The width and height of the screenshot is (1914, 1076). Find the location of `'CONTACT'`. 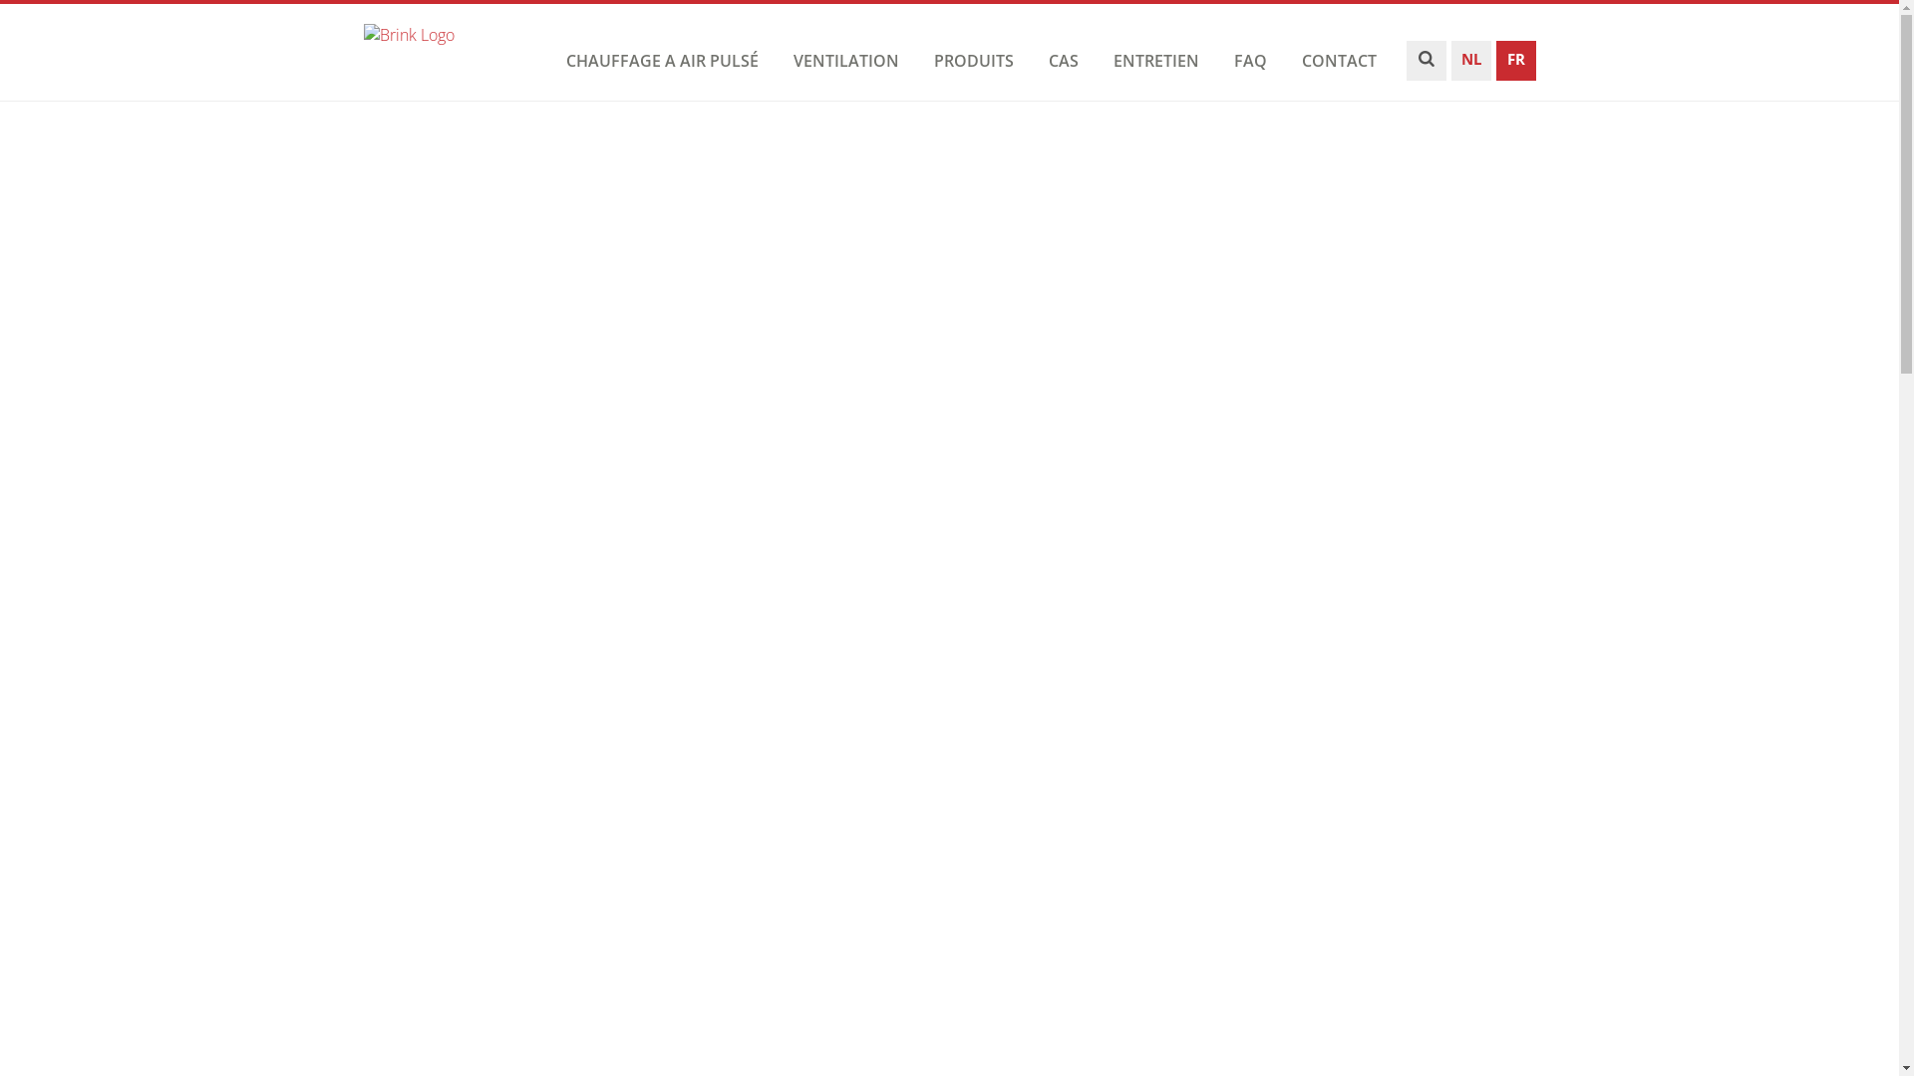

'CONTACT' is located at coordinates (1338, 60).